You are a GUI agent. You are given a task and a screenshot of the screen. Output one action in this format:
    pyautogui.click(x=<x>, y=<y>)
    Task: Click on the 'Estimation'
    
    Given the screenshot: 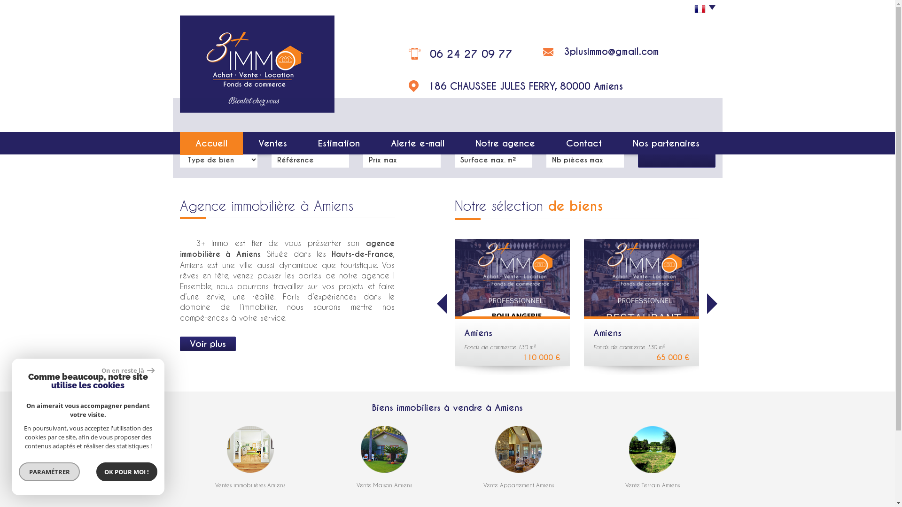 What is the action you would take?
    pyautogui.click(x=338, y=143)
    